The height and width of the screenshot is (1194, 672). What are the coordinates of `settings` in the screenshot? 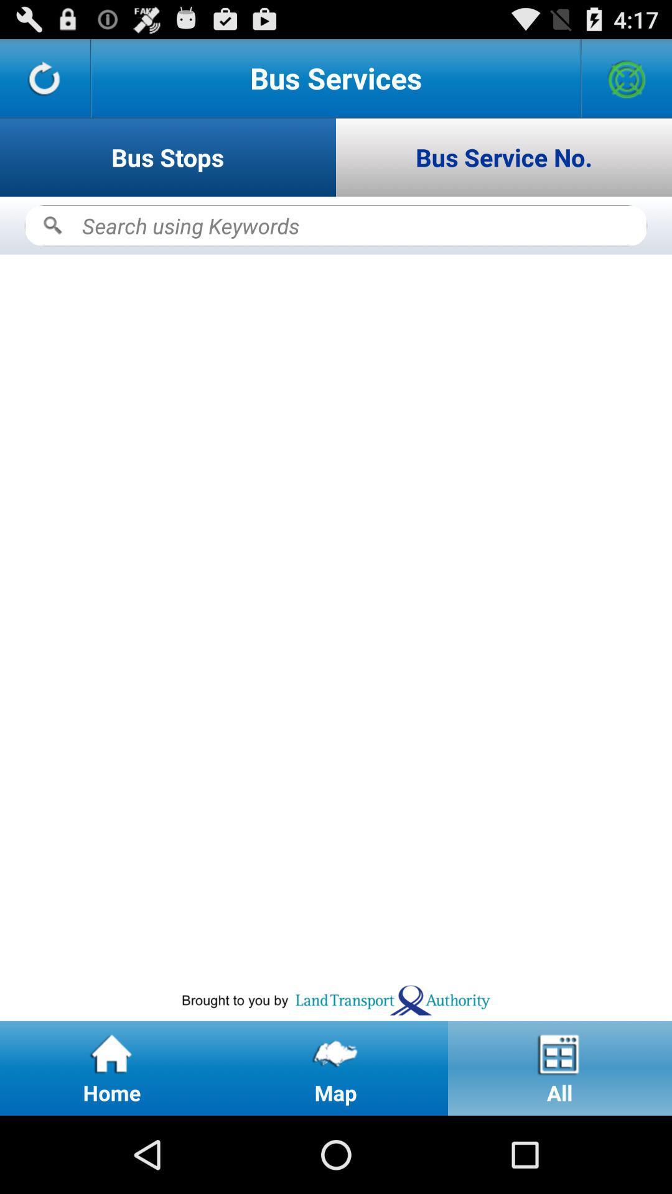 It's located at (627, 77).